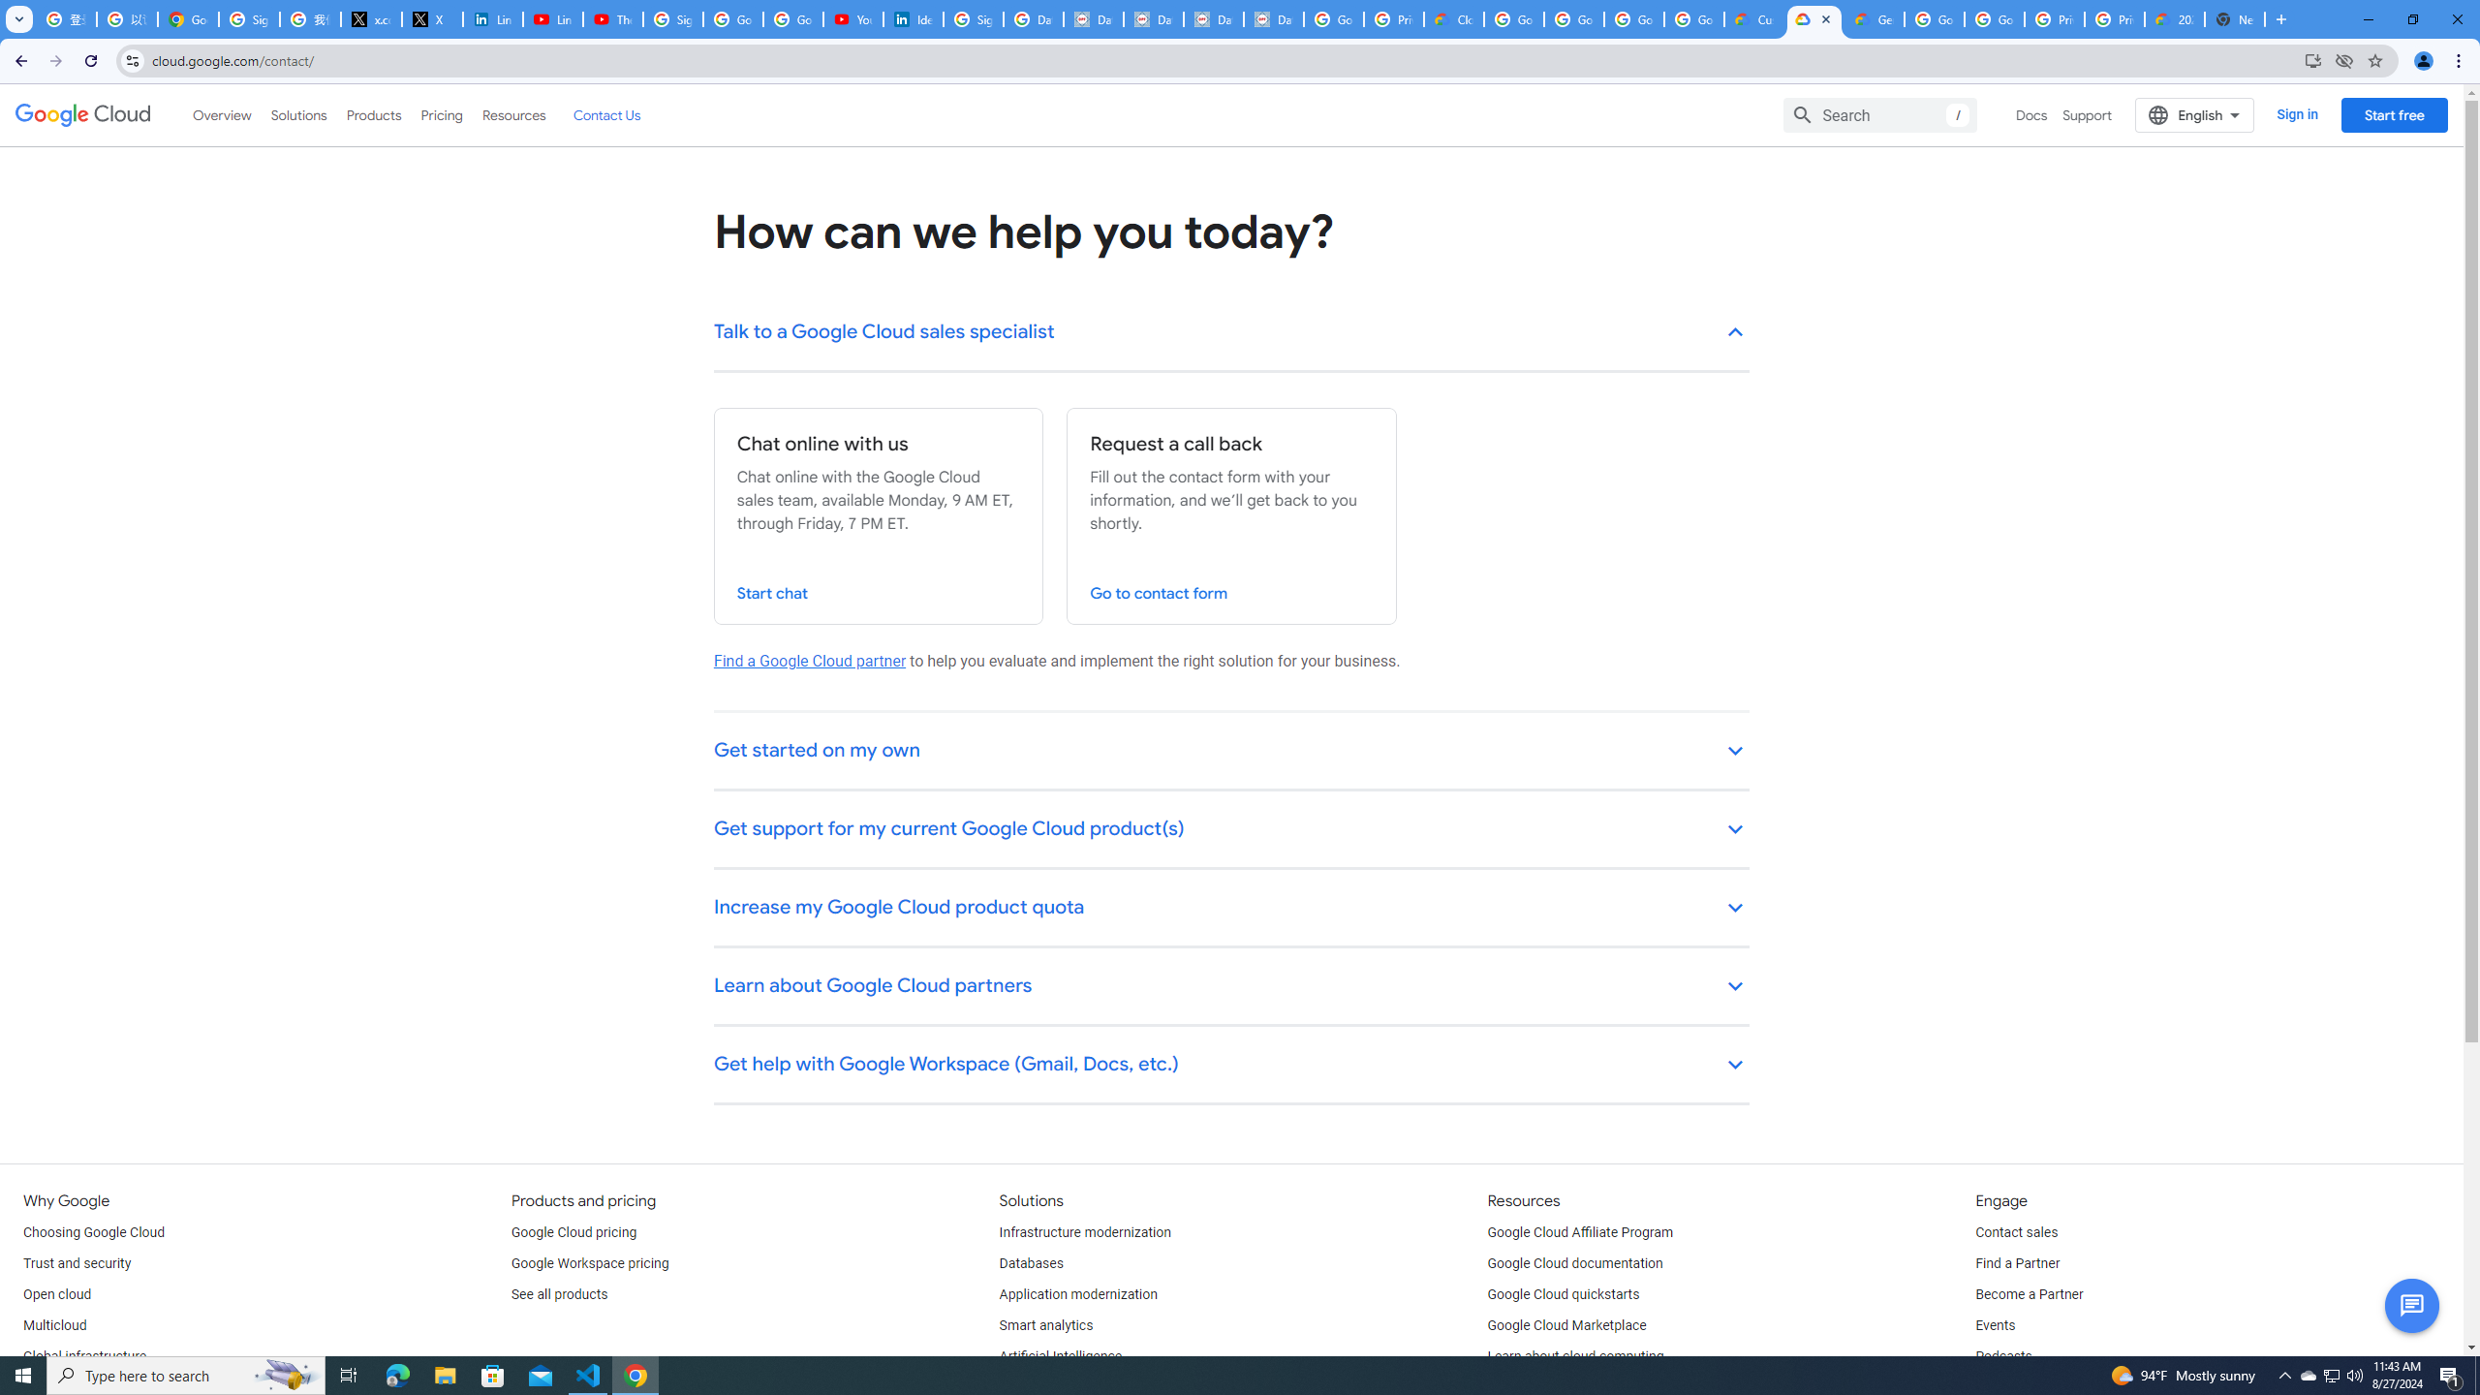 The width and height of the screenshot is (2480, 1395). What do you see at coordinates (1575, 1262) in the screenshot?
I see `'Google Cloud documentation'` at bounding box center [1575, 1262].